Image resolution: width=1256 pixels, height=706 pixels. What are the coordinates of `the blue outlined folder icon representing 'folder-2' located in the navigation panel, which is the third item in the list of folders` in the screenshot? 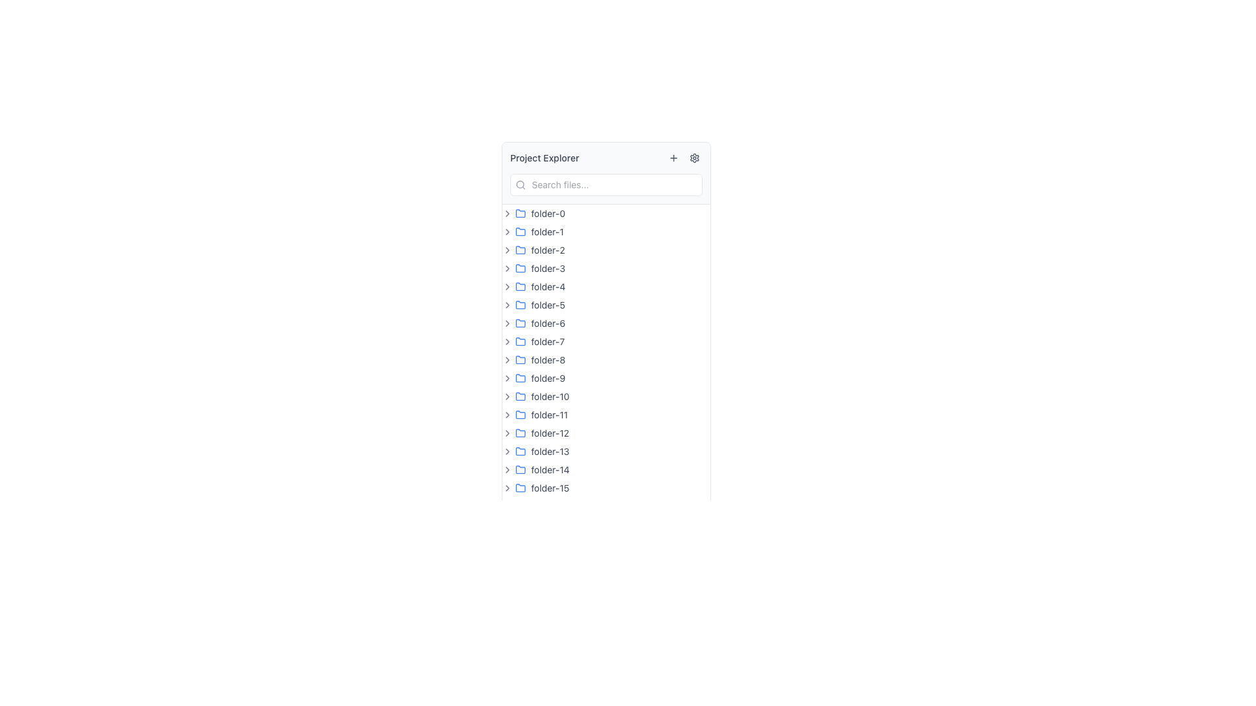 It's located at (520, 249).